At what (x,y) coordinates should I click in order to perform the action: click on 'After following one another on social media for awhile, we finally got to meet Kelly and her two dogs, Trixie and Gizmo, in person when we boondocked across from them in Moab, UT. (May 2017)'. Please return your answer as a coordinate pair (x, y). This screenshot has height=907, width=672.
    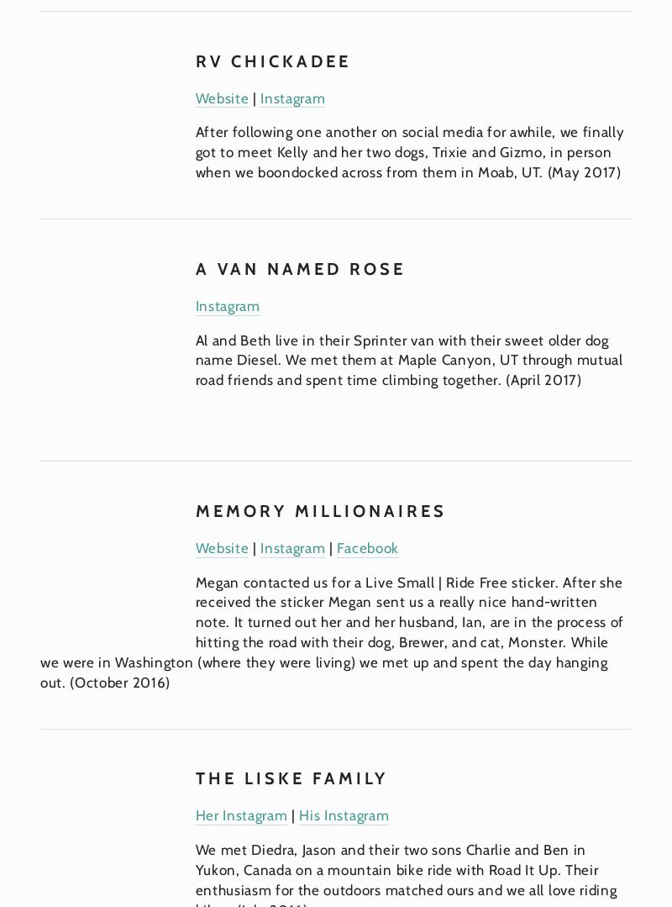
    Looking at the image, I should click on (412, 151).